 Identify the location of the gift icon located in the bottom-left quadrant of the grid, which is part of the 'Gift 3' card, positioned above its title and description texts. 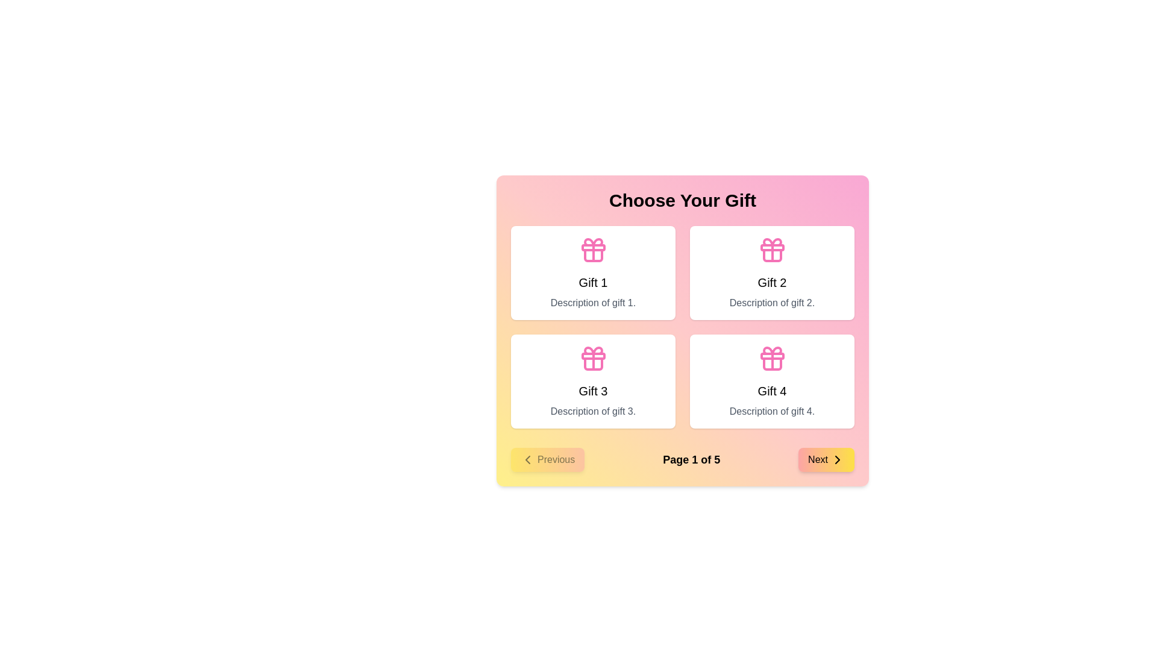
(593, 357).